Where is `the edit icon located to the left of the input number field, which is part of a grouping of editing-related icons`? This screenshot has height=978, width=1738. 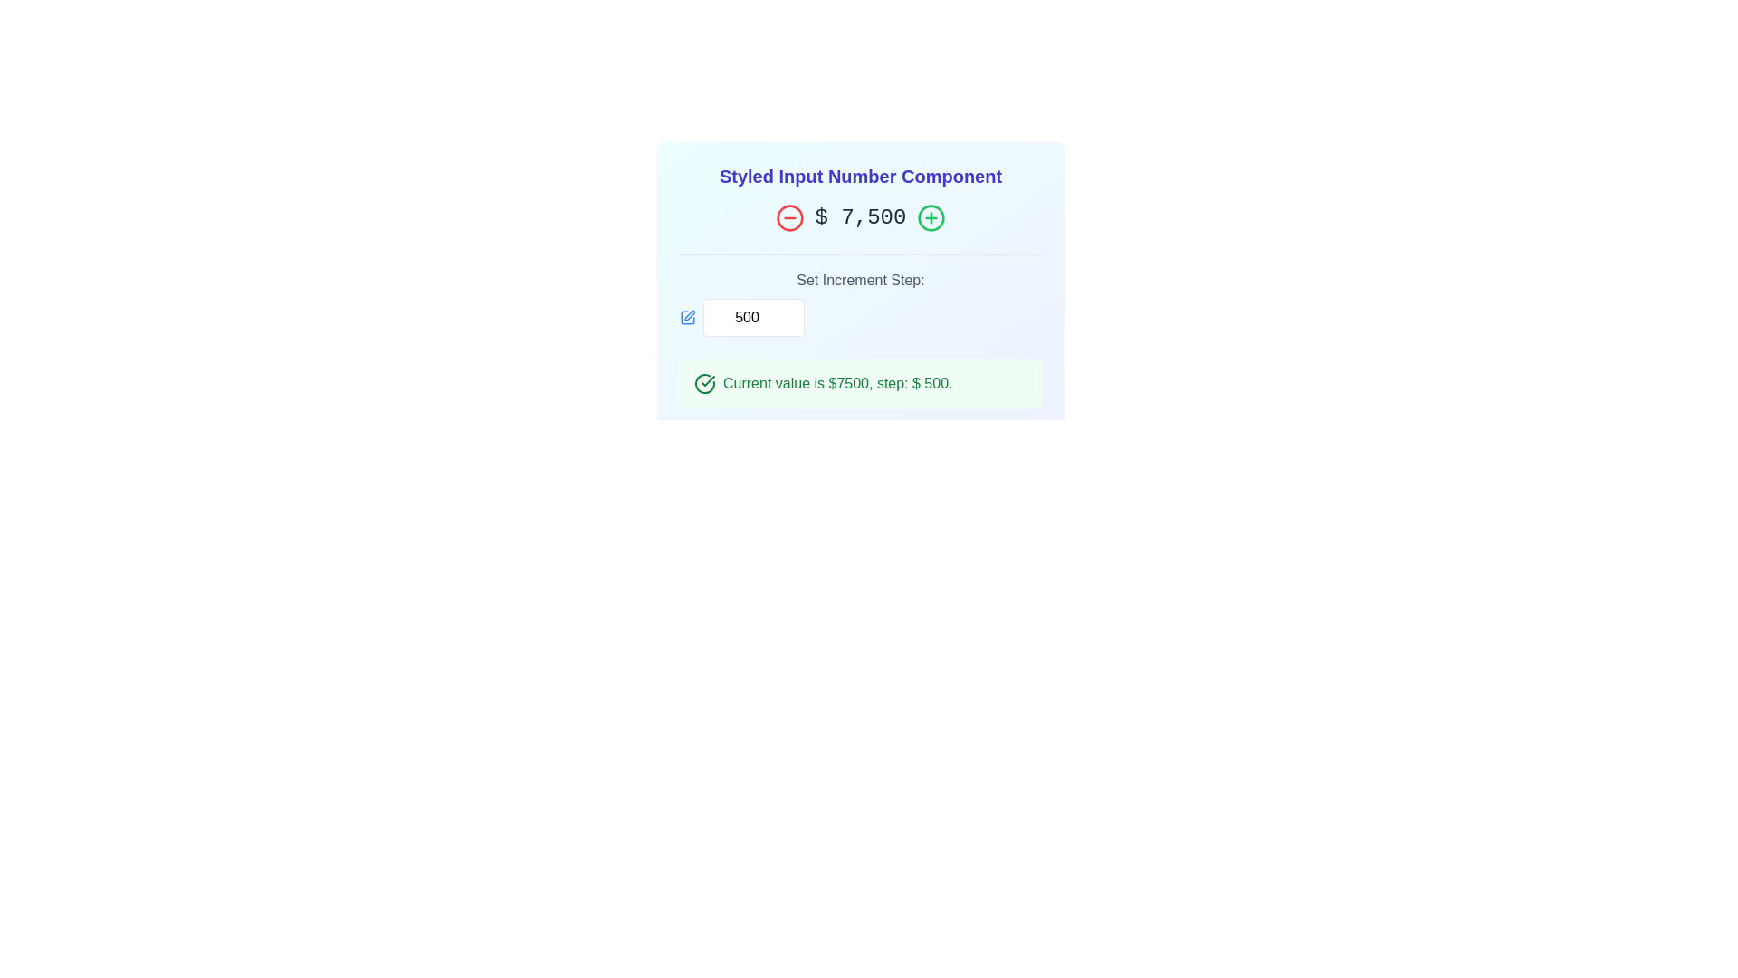 the edit icon located to the left of the input number field, which is part of a grouping of editing-related icons is located at coordinates (689, 314).